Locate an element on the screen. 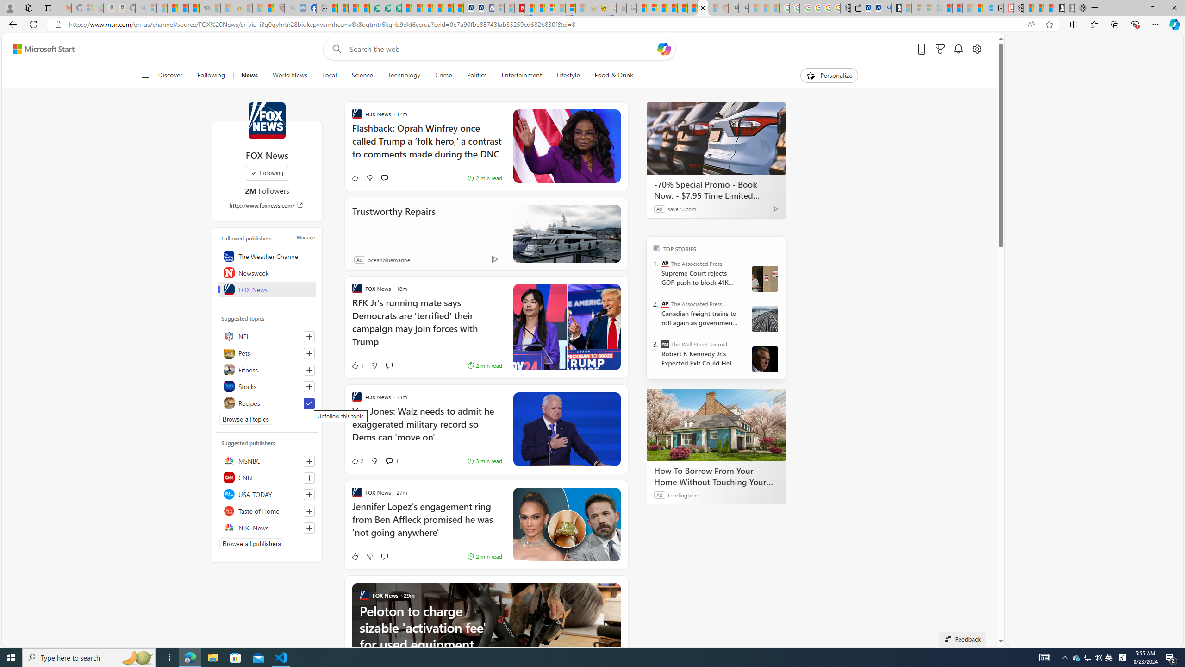 The image size is (1185, 667). '1 Like' is located at coordinates (356, 365).